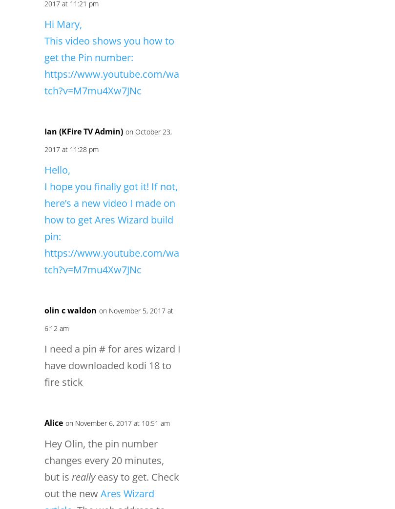 The height and width of the screenshot is (509, 395). What do you see at coordinates (44, 131) in the screenshot?
I see `'Ian (KFire TV Admin)'` at bounding box center [44, 131].